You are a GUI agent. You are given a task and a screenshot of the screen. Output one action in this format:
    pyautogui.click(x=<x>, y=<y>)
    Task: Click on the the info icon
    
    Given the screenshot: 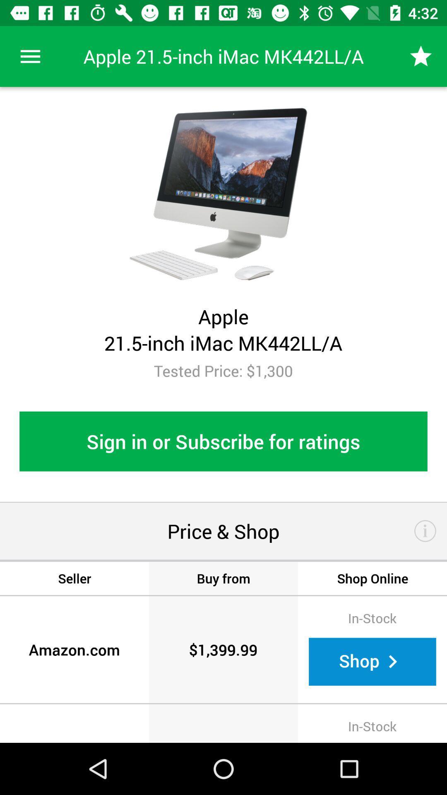 What is the action you would take?
    pyautogui.click(x=425, y=531)
    